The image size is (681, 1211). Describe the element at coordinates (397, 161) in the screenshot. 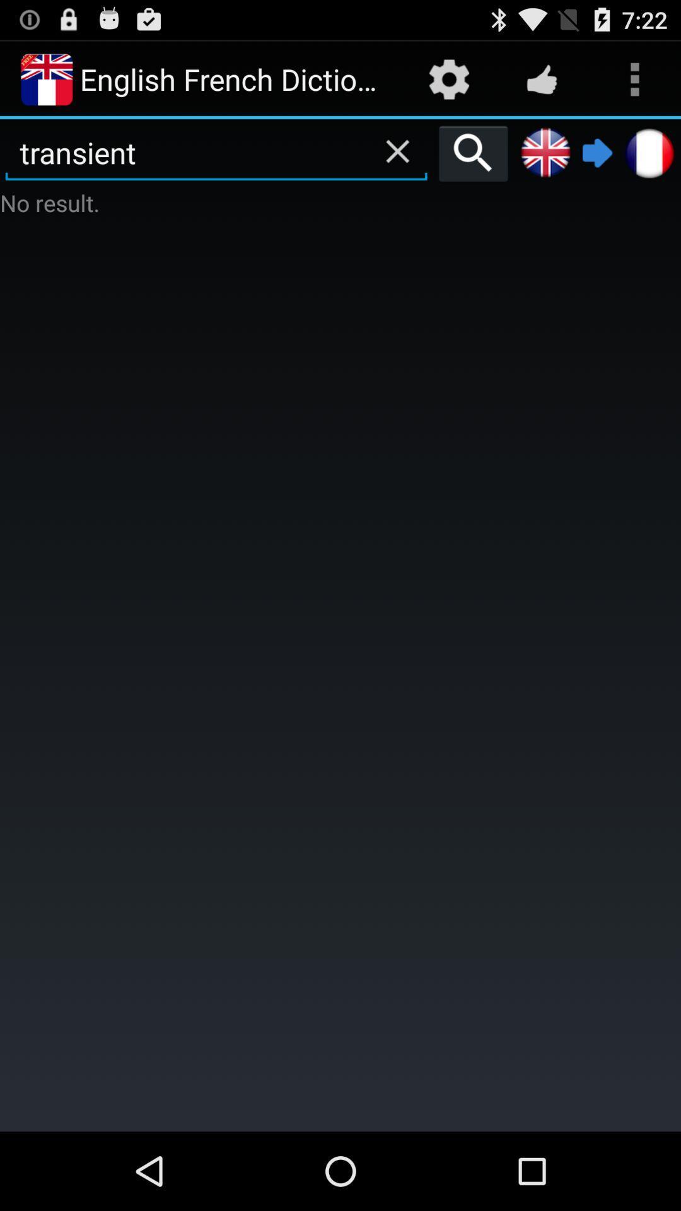

I see `the close icon` at that location.